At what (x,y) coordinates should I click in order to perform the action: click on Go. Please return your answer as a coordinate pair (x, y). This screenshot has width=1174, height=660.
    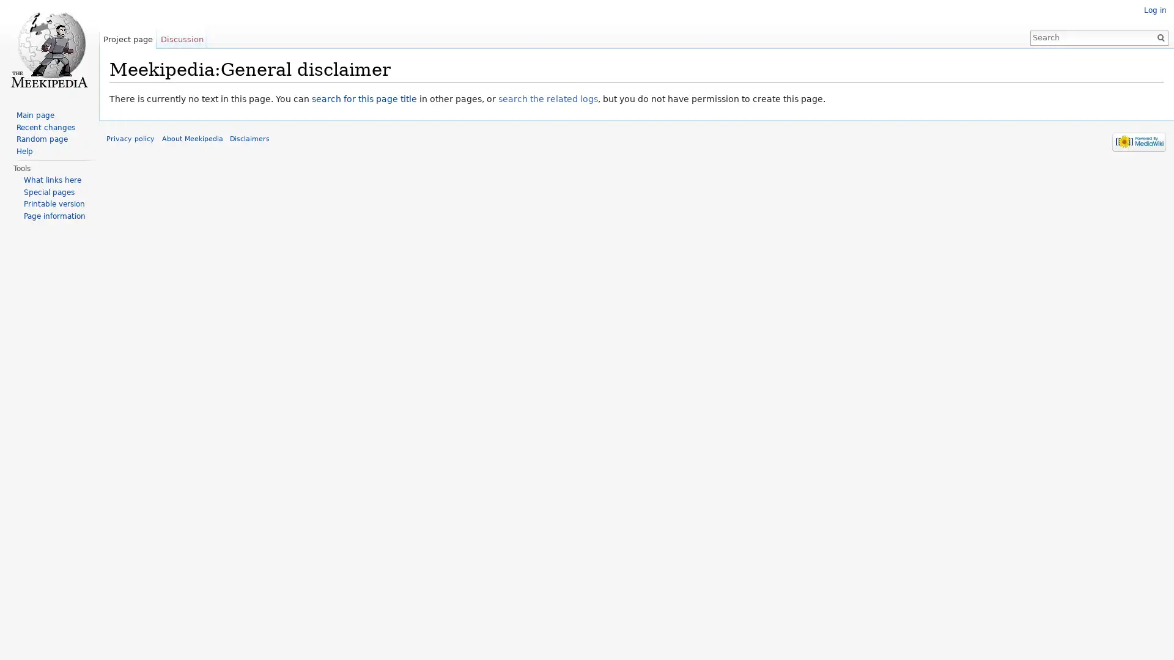
    Looking at the image, I should click on (1156, 37).